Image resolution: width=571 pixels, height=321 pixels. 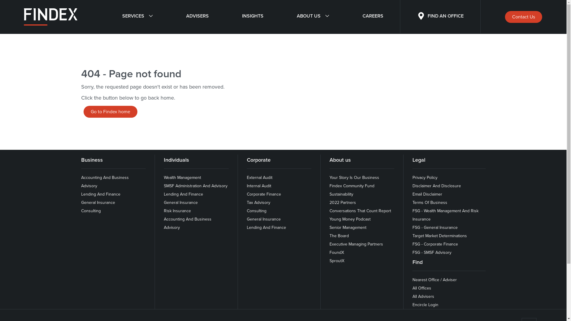 I want to click on 'ADVISERS', so click(x=197, y=17).